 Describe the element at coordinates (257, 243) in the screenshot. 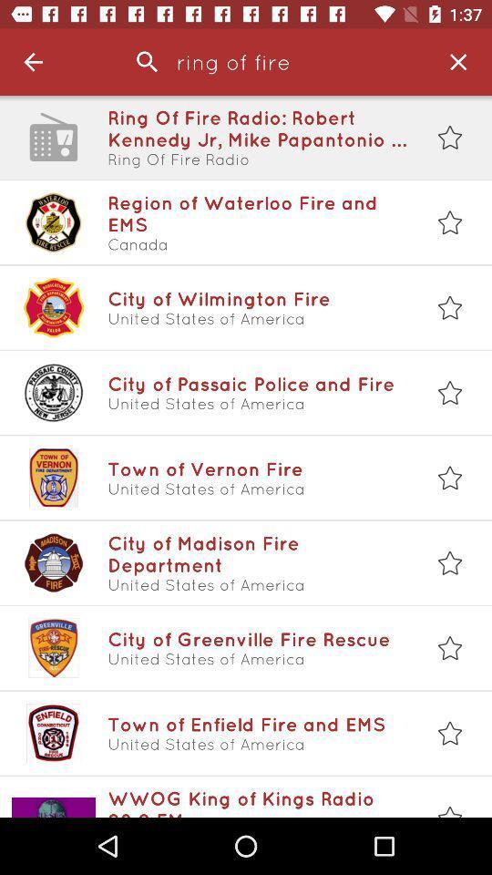

I see `item below region of waterloo icon` at that location.